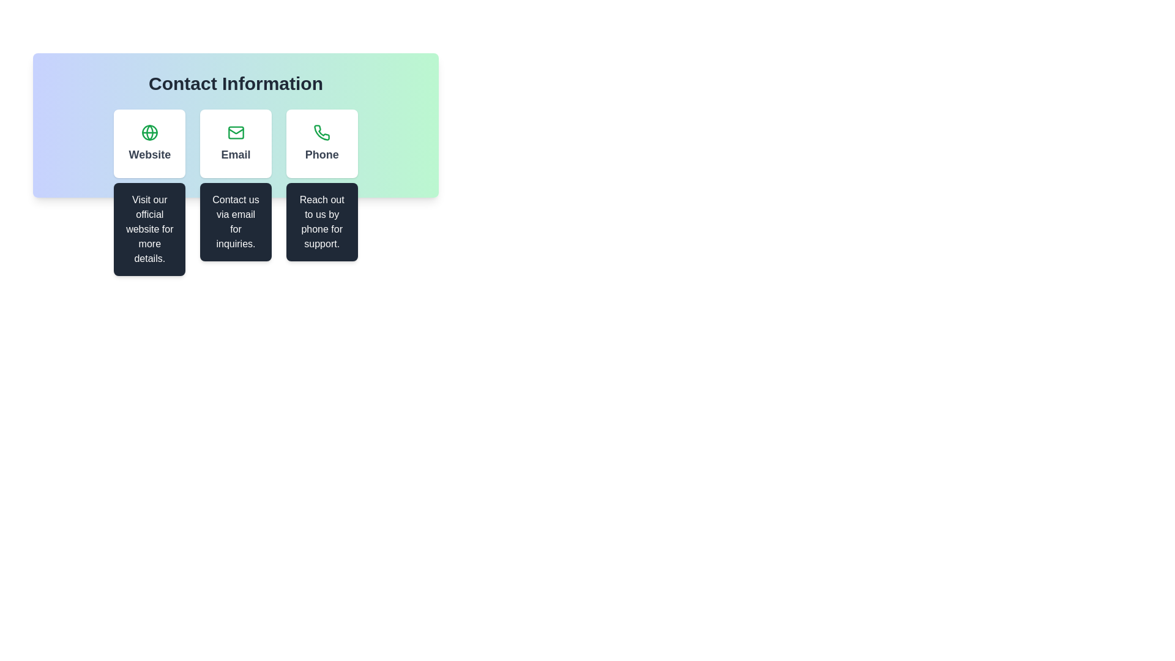  What do you see at coordinates (236, 143) in the screenshot?
I see `the email contact button located under the 'Contact Information' heading` at bounding box center [236, 143].